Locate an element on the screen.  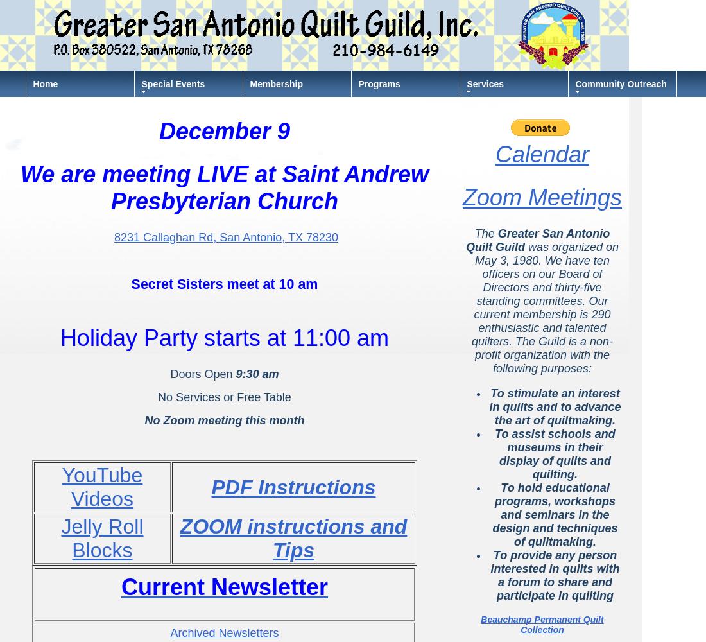
'Greater San Antonio Quilt Guild' is located at coordinates (537, 239).